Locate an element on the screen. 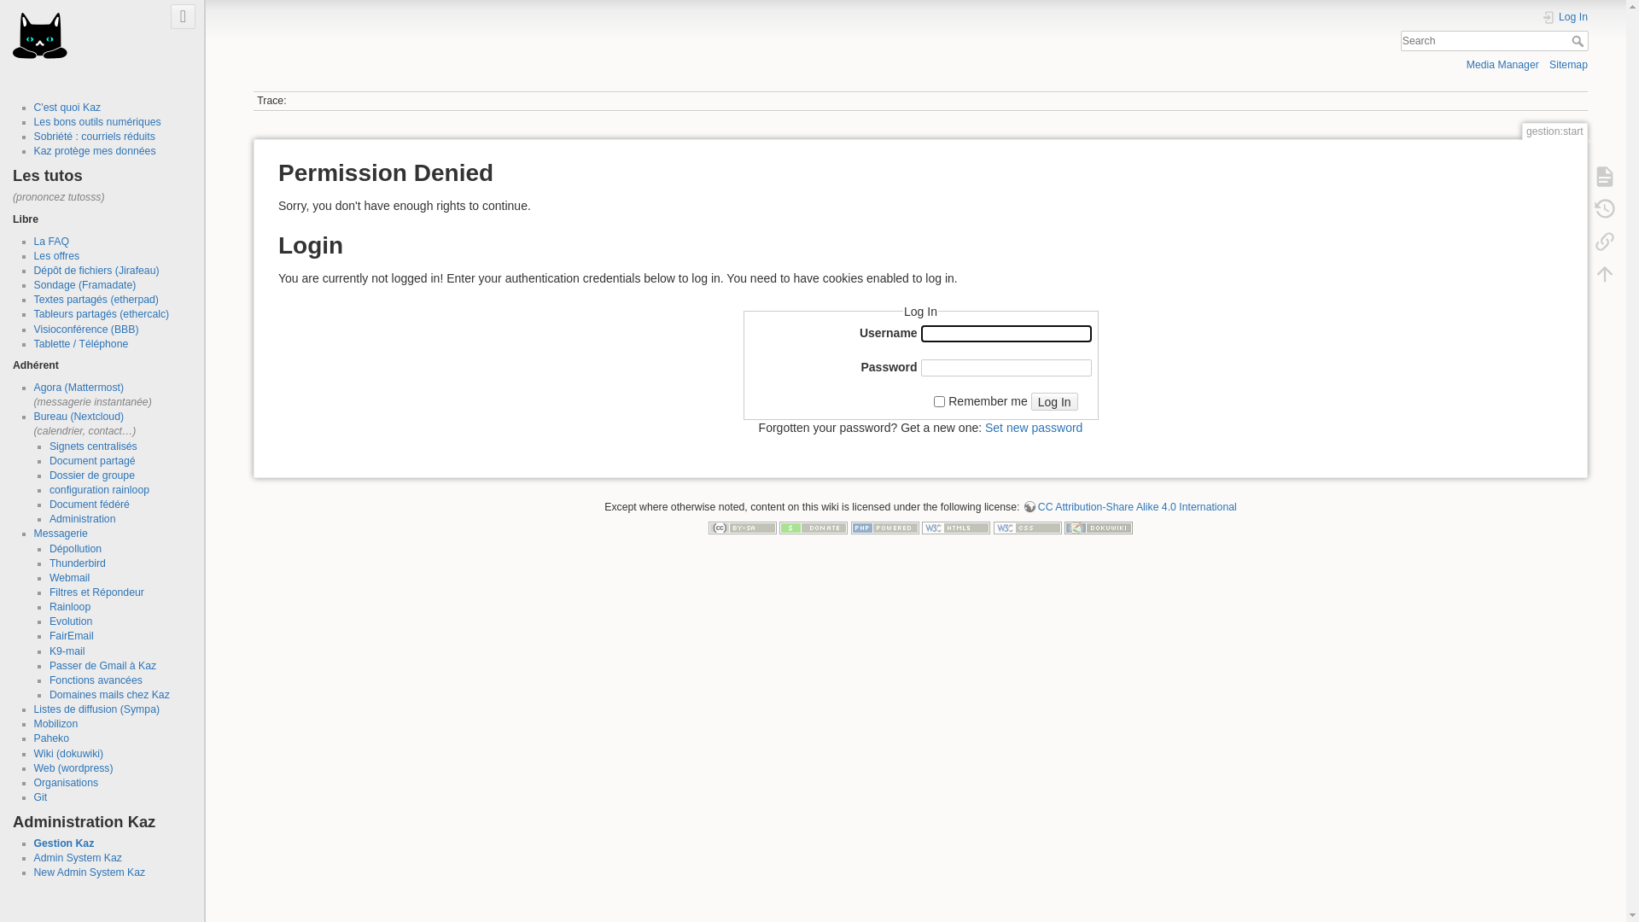 The width and height of the screenshot is (1639, 922). 'Media Manager' is located at coordinates (1502, 64).